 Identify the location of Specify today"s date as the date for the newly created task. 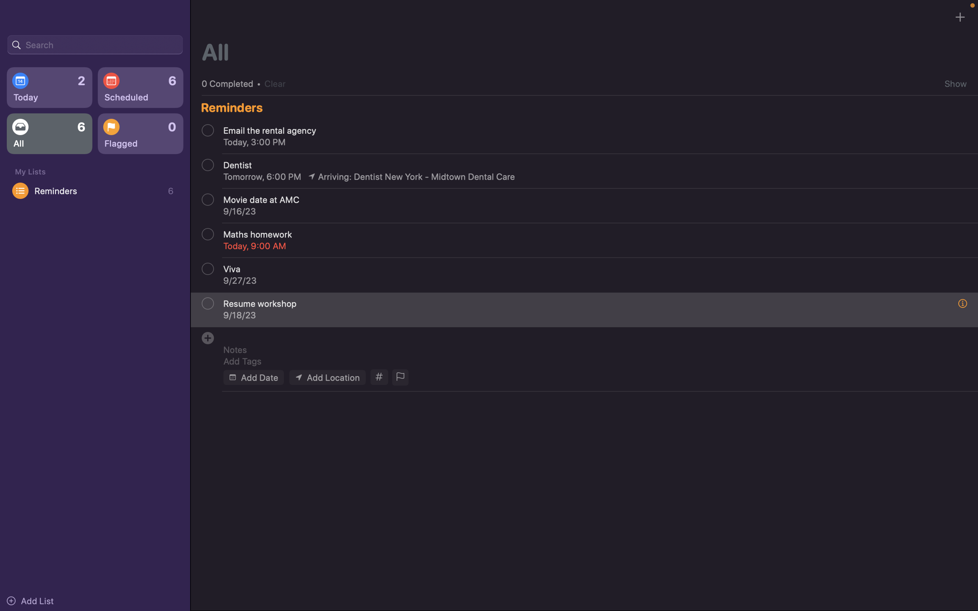
(253, 377).